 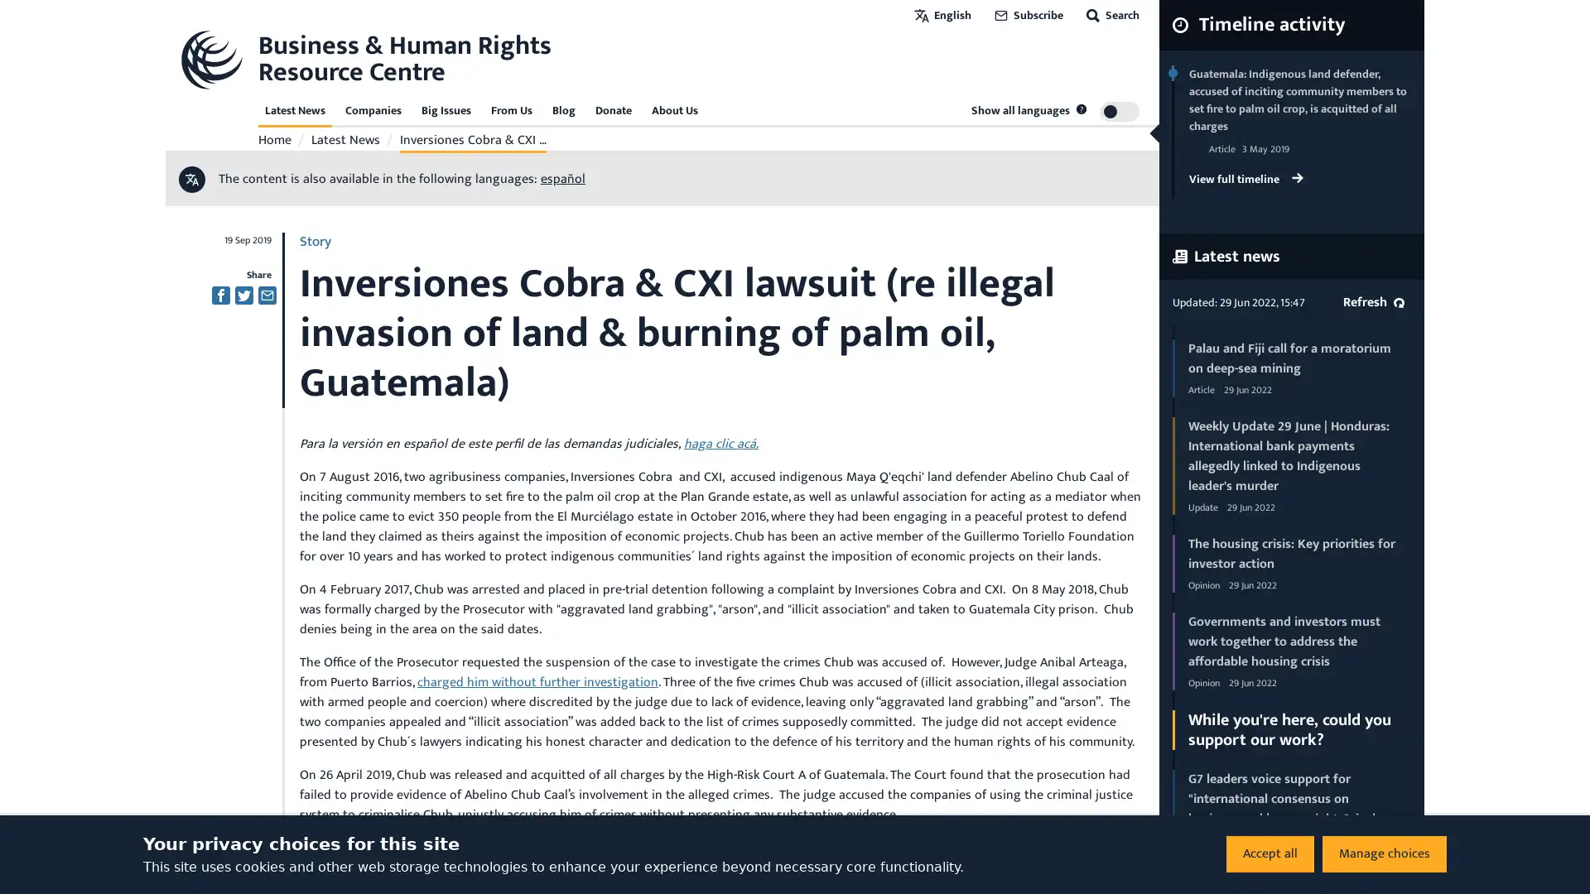 I want to click on Refresh, so click(x=1374, y=302).